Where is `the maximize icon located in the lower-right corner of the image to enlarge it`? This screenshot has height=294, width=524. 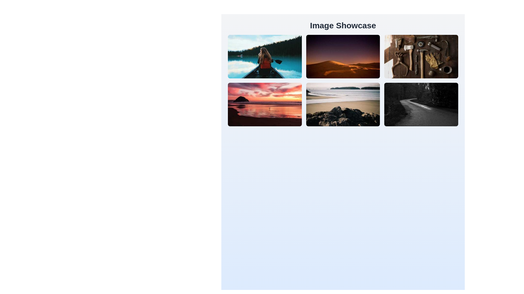 the maximize icon located in the lower-right corner of the image to enlarge it is located at coordinates (421, 105).